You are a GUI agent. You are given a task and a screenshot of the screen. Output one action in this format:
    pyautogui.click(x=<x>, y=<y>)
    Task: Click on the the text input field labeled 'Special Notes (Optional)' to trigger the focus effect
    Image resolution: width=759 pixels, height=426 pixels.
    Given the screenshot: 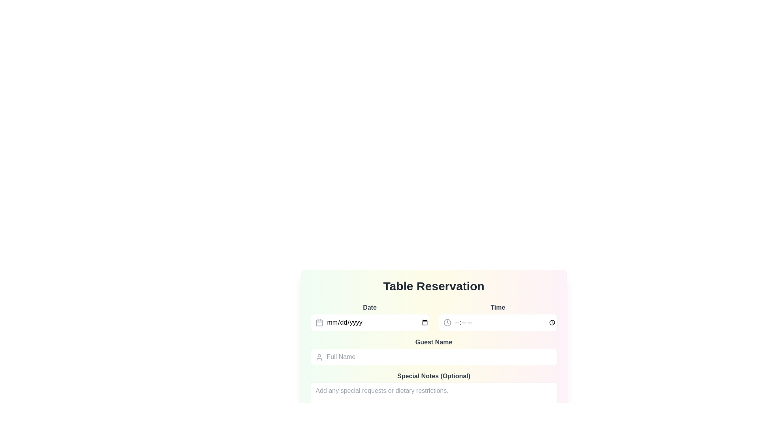 What is the action you would take?
    pyautogui.click(x=433, y=391)
    